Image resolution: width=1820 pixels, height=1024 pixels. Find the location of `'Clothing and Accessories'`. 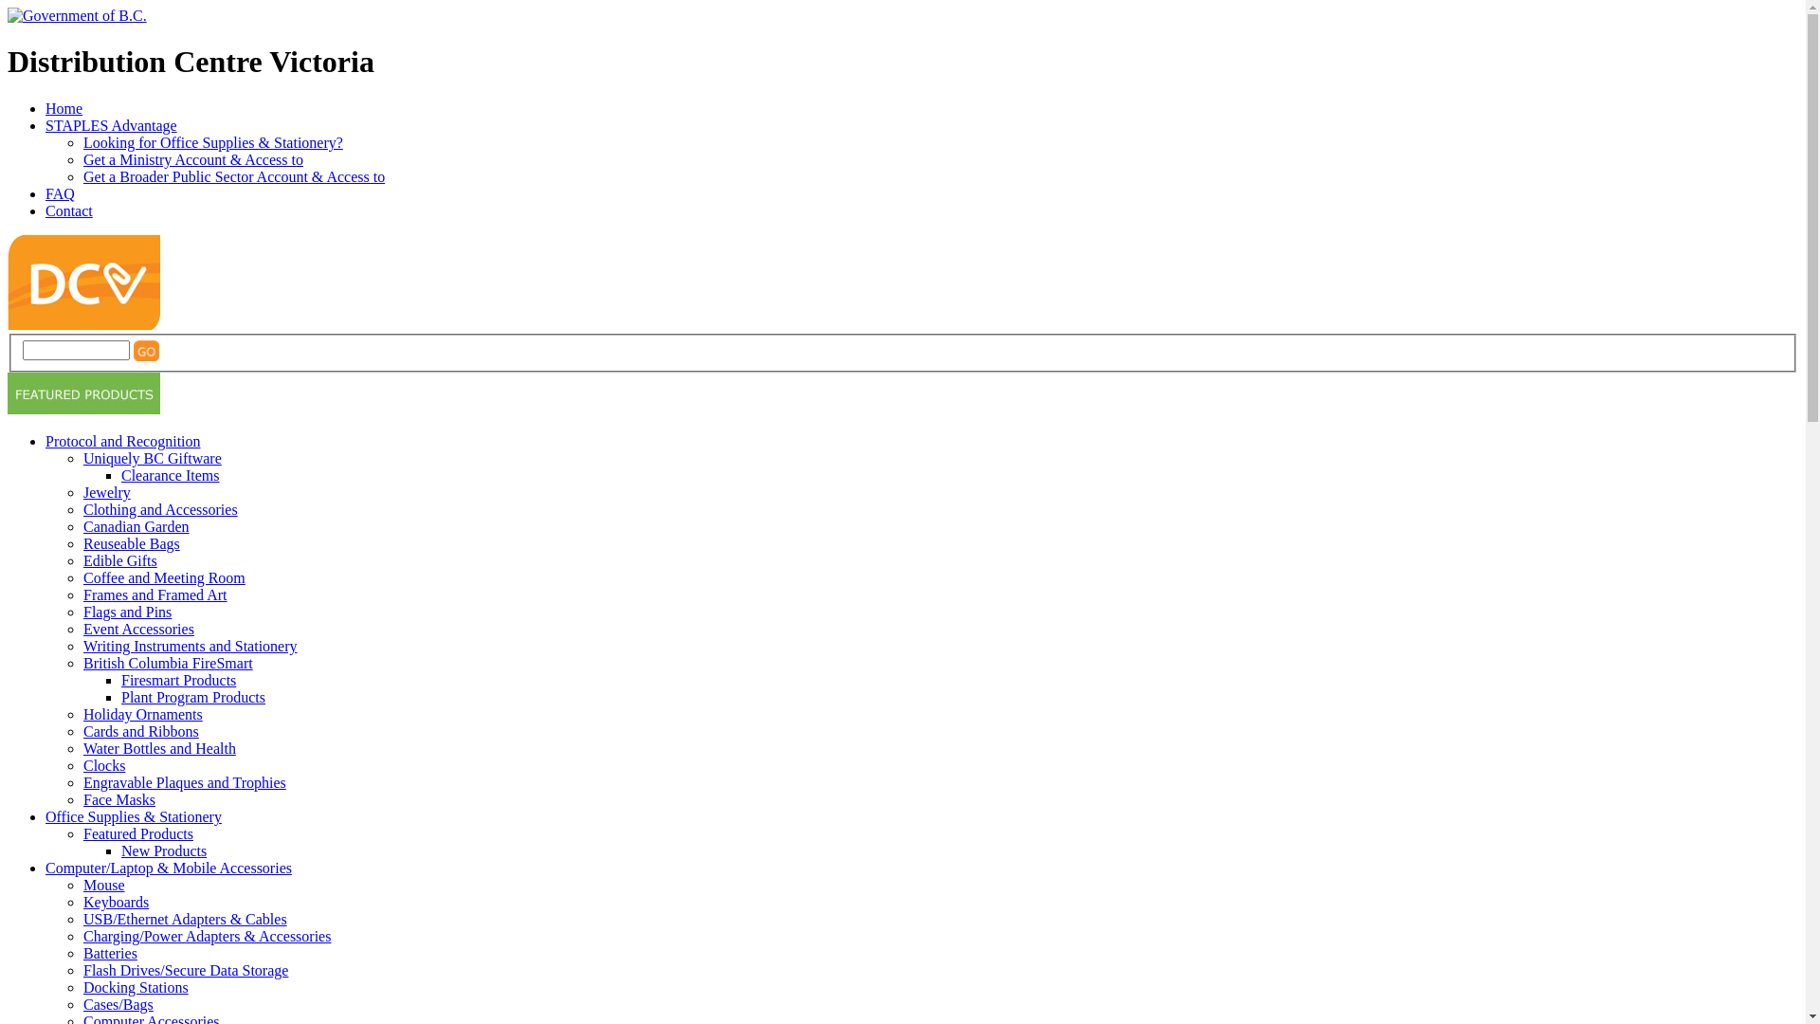

'Clothing and Accessories' is located at coordinates (82, 508).